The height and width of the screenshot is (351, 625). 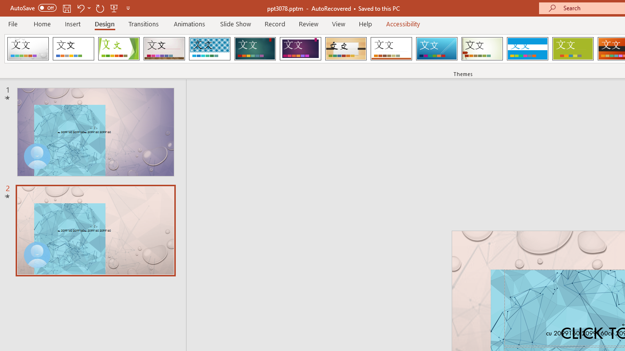 I want to click on 'Office Theme', so click(x=73, y=49).